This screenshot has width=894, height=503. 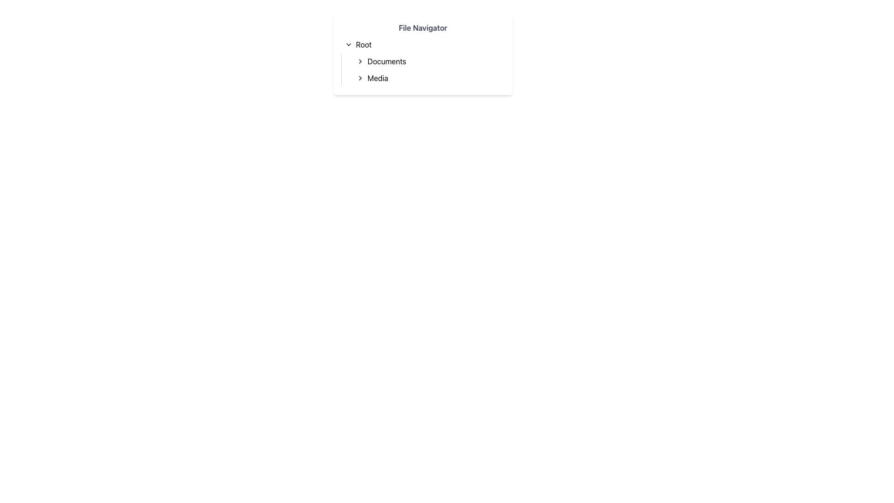 I want to click on the 'Documents' directory text label, which is located under the 'Root' section heading and is the second item in the vertical list after the left chevron icon, so click(x=386, y=61).